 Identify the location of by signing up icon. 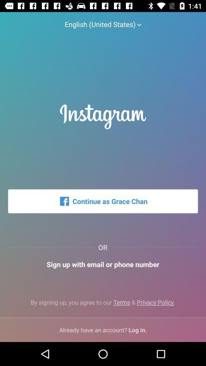
(103, 305).